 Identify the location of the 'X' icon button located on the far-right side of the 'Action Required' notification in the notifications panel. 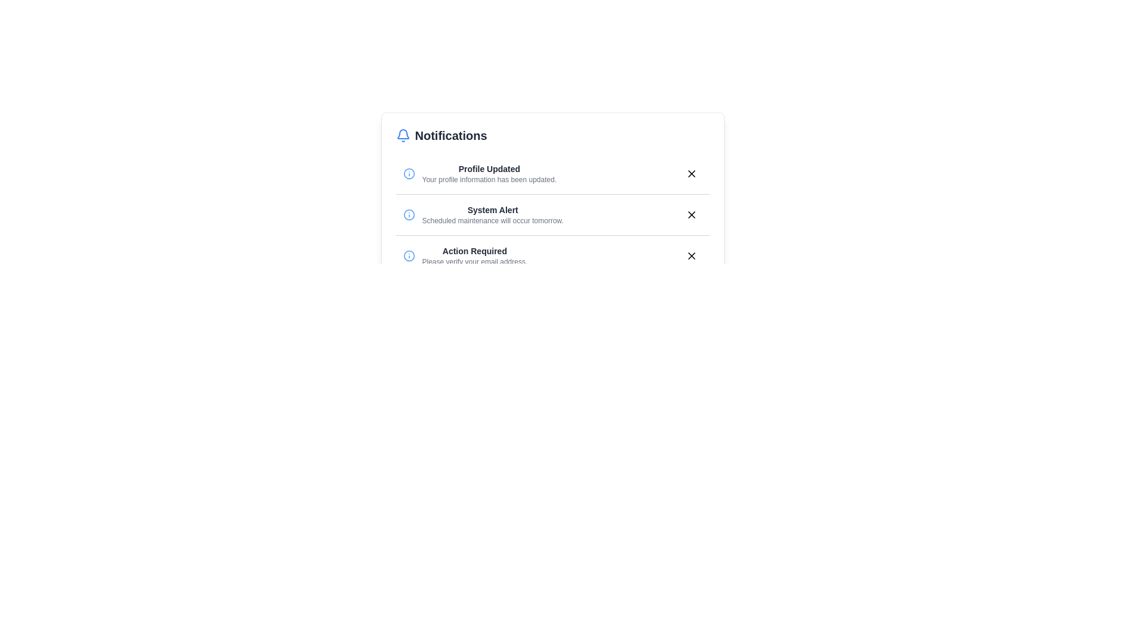
(691, 255).